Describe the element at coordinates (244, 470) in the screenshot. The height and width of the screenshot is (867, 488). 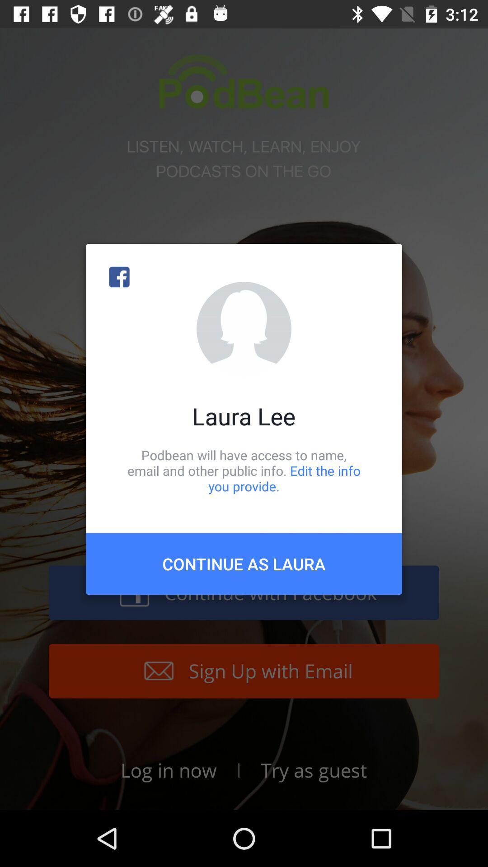
I see `podbean will have icon` at that location.